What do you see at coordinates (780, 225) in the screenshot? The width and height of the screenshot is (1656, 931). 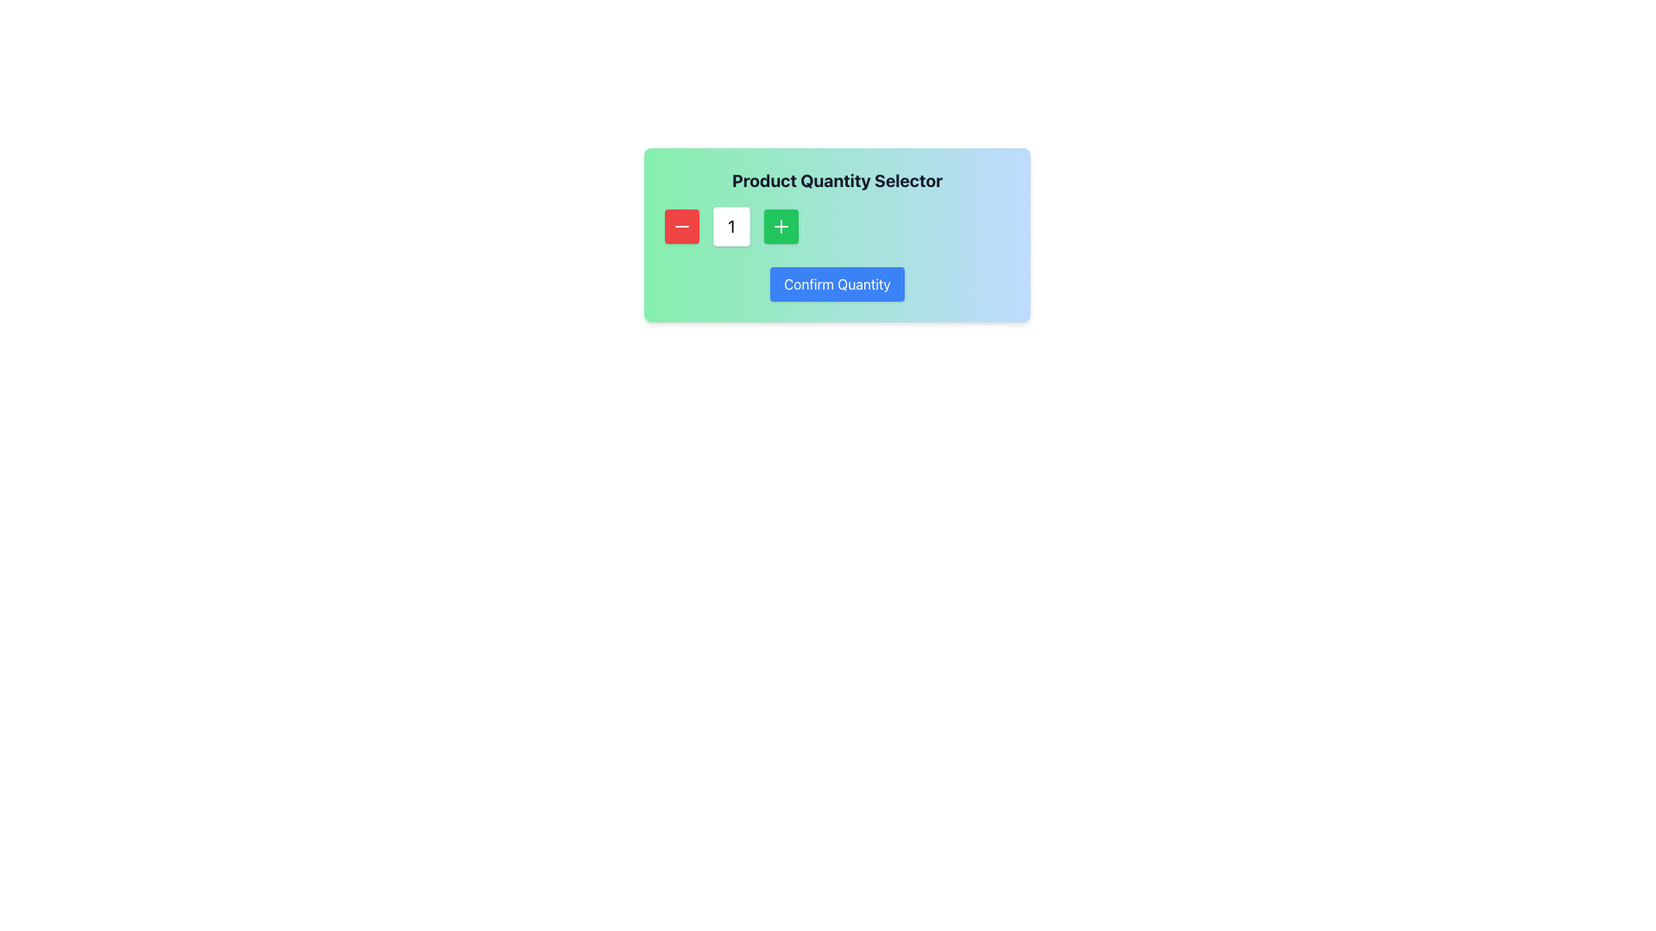 I see `the plus icon within the green button located` at bounding box center [780, 225].